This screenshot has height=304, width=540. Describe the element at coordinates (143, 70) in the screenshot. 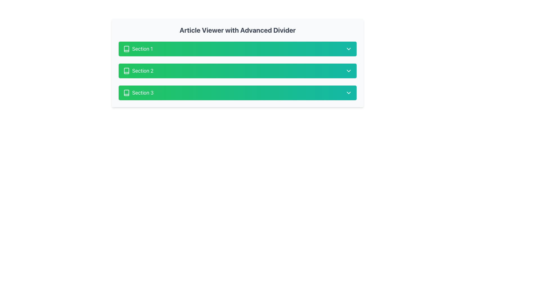

I see `the text label displaying 'Section 2', which is part of a vertically stacked list located beneath the header 'Article Viewer with Advanced Divider'` at that location.